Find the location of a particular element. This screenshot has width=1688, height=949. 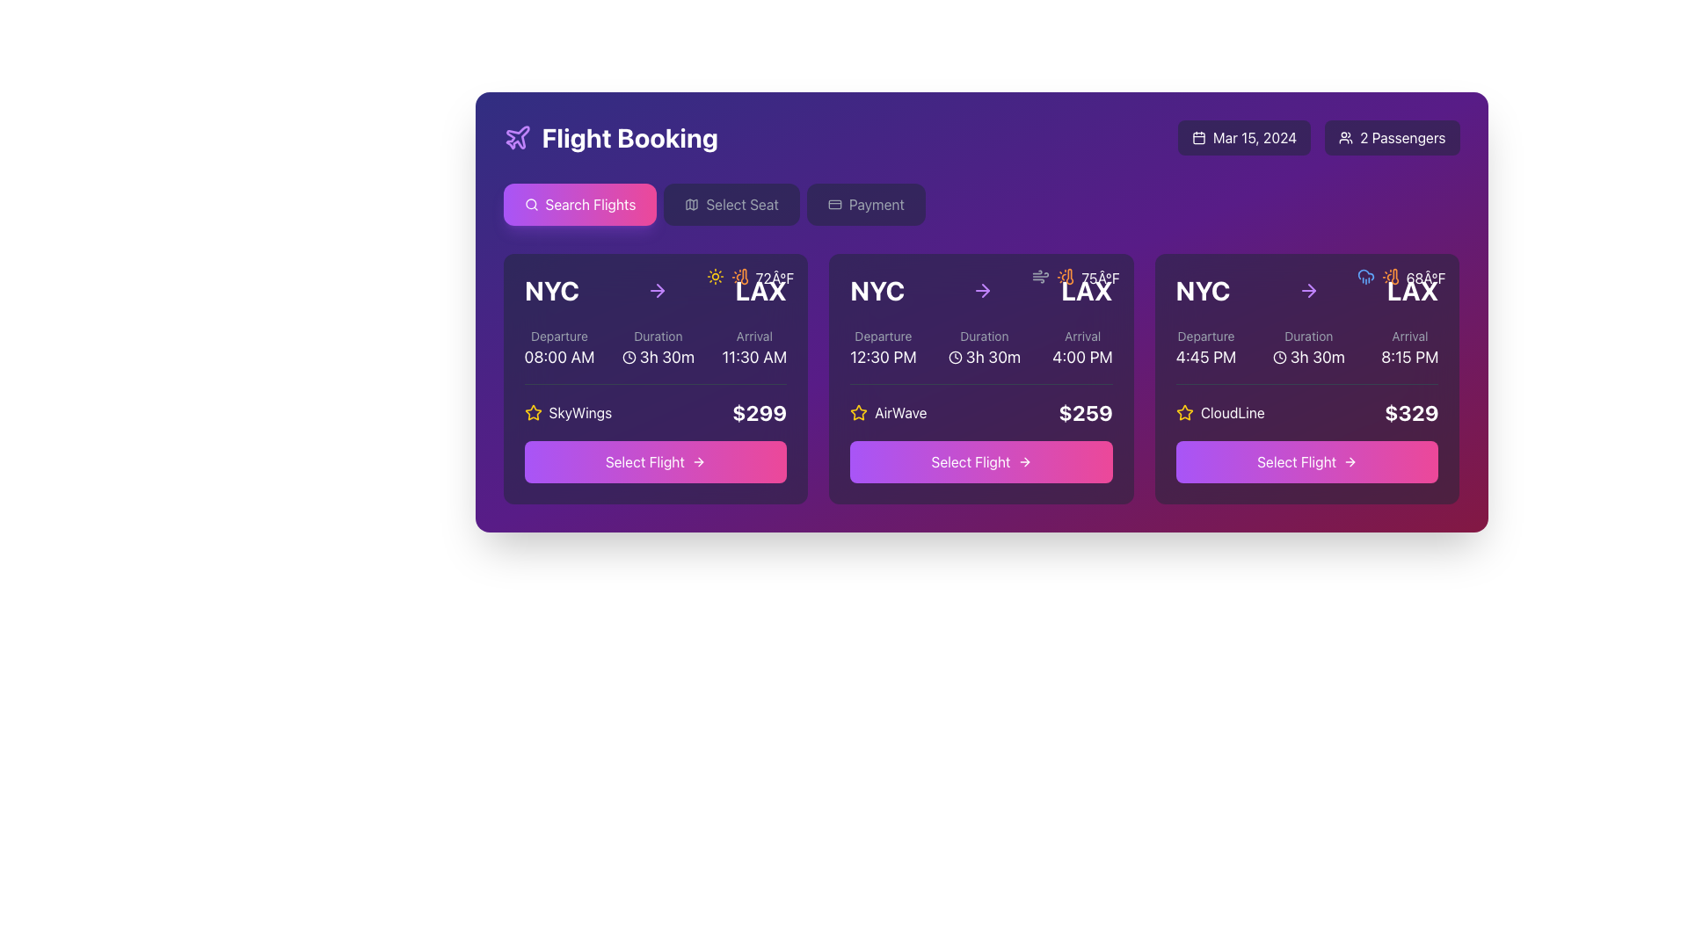

the static text displaying the temperature and weather conditions for the flight from 'NYC' to 'LAX', located in the top-right corner of the flight card is located at coordinates (1075, 277).